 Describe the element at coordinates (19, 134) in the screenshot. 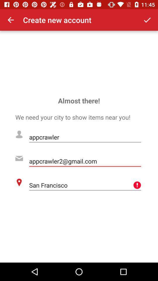

I see `the human icon left to appcrawler` at that location.